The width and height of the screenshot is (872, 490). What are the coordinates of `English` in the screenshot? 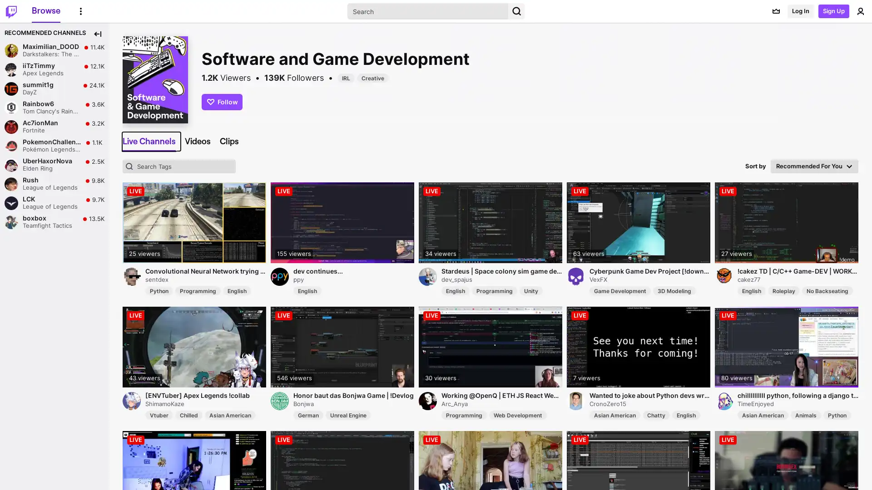 It's located at (456, 290).